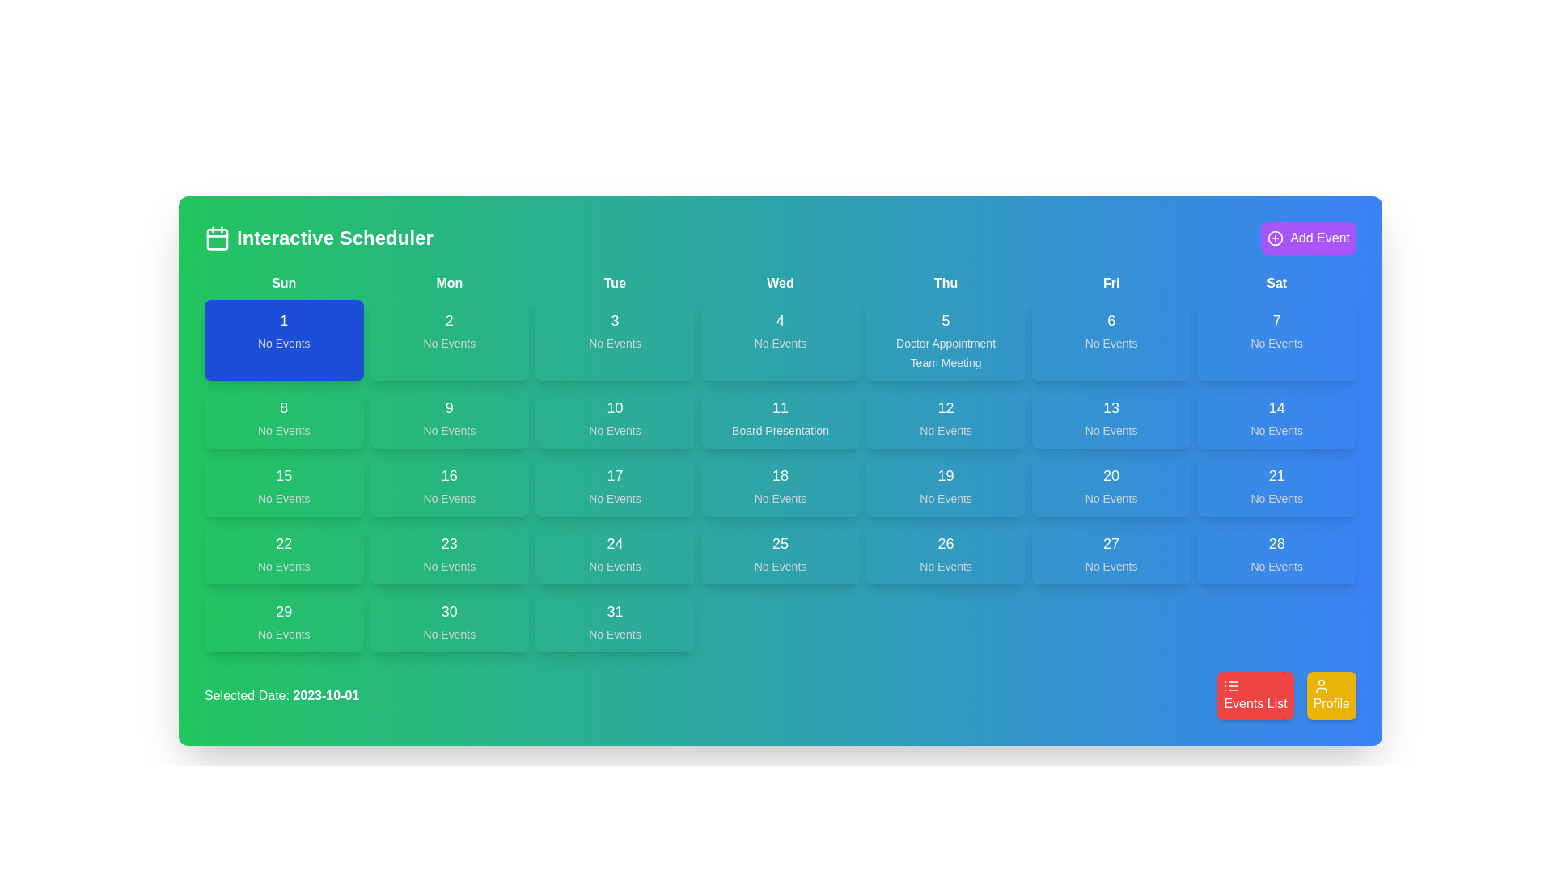 This screenshot has height=873, width=1553. I want to click on the text label indicating no scheduled events for the day '31', located at the bottom right corner of the calendar component, so click(614, 634).